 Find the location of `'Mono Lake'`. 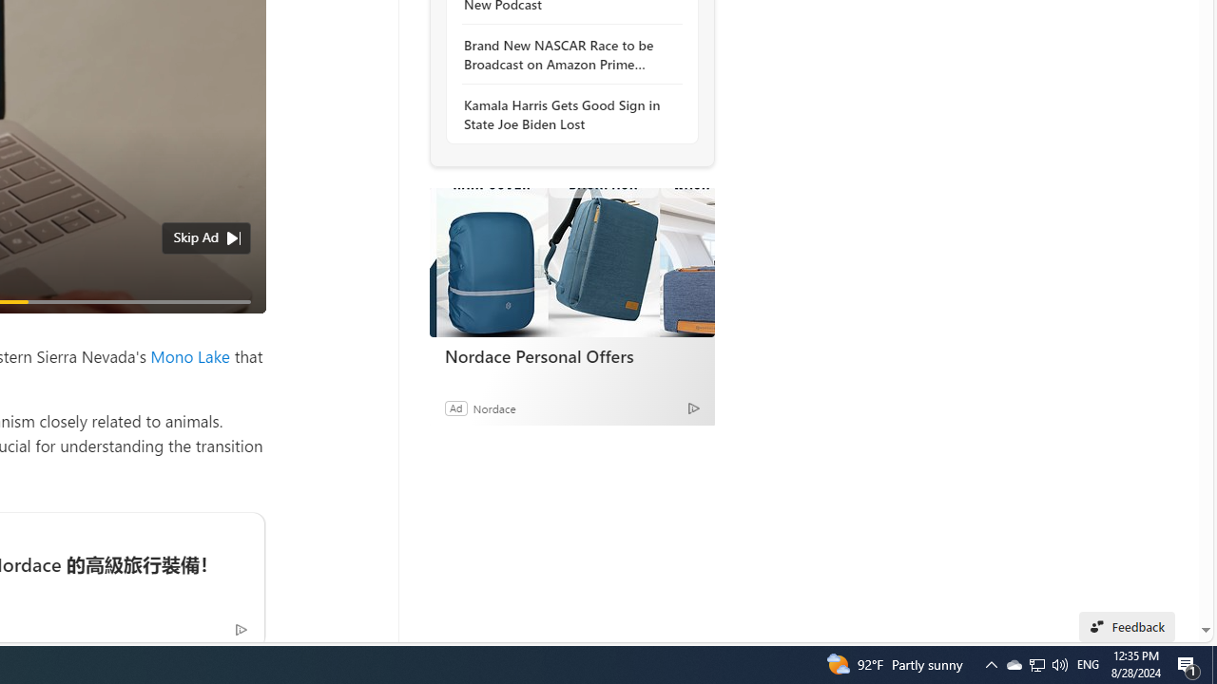

'Mono Lake' is located at coordinates (190, 355).